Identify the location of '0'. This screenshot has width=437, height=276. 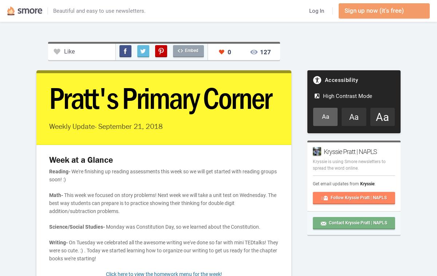
(229, 51).